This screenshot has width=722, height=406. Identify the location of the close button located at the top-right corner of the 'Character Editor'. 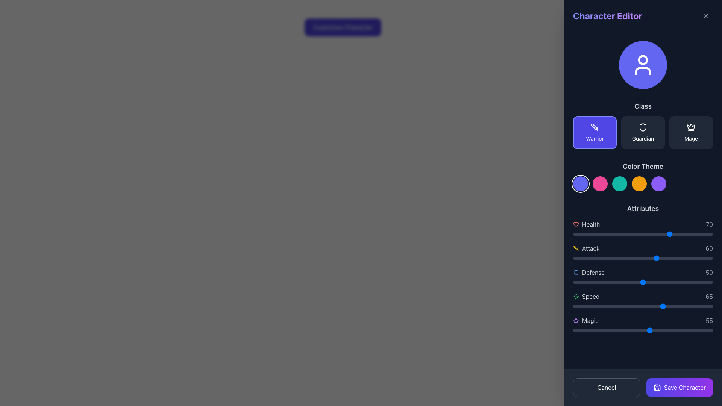
(705, 16).